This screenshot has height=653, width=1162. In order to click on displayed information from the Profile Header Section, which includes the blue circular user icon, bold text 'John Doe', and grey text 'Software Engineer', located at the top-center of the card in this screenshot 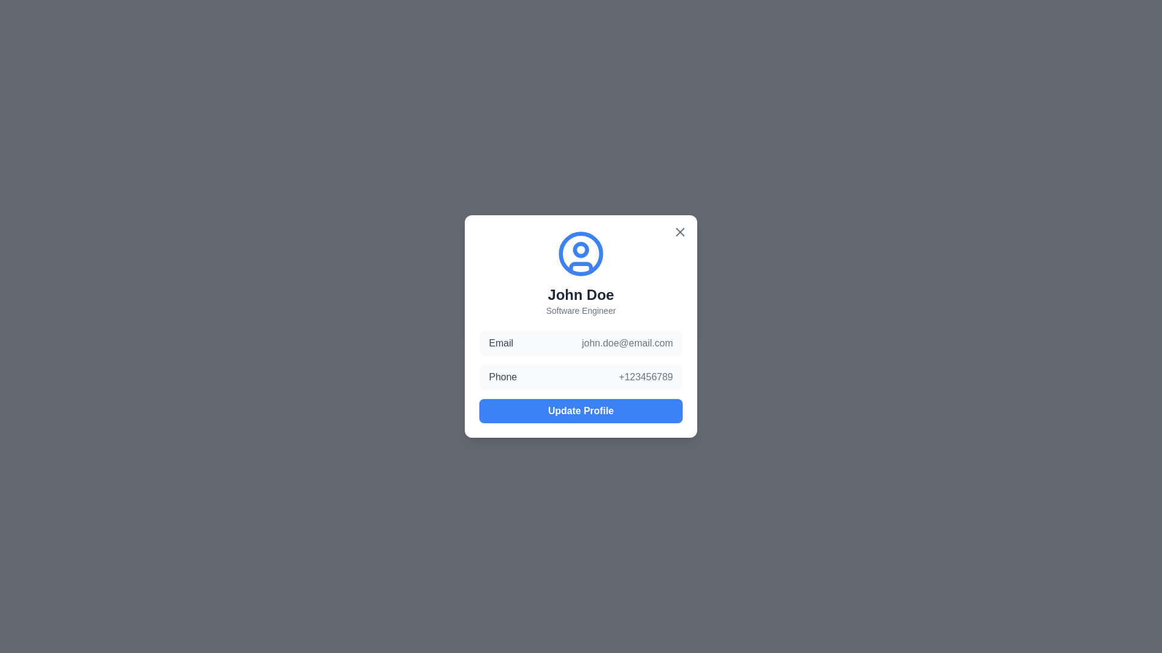, I will do `click(581, 273)`.